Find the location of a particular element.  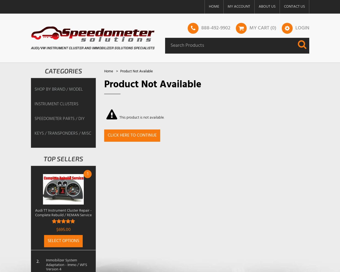

'1' is located at coordinates (87, 174).